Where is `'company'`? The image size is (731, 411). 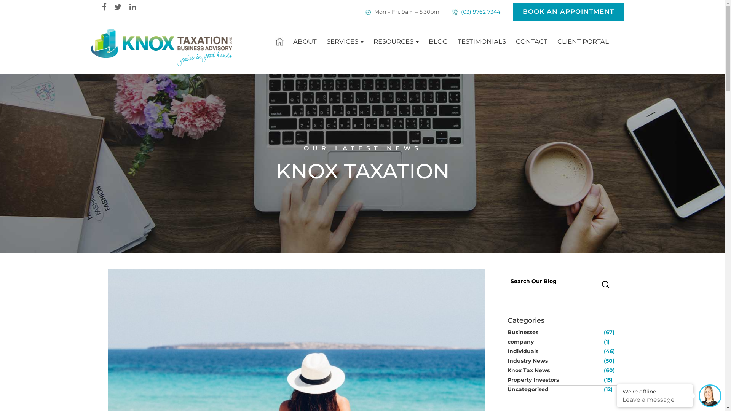 'company' is located at coordinates (507, 341).